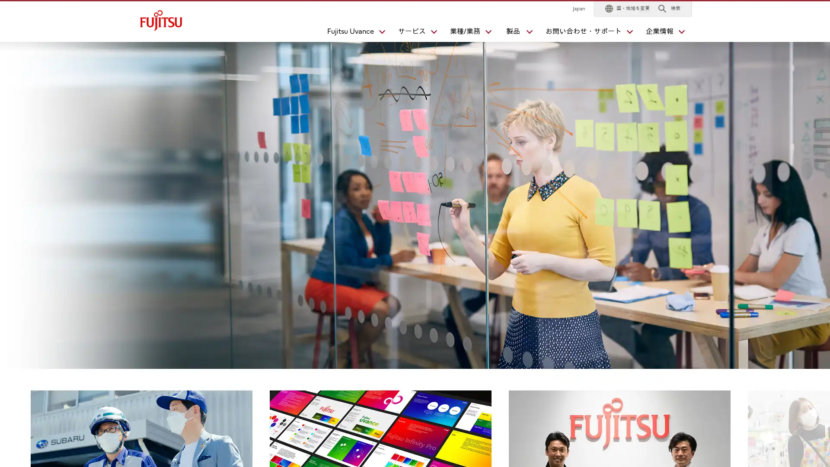 The image size is (830, 467). Describe the element at coordinates (466, 33) in the screenshot. I see `/` at that location.